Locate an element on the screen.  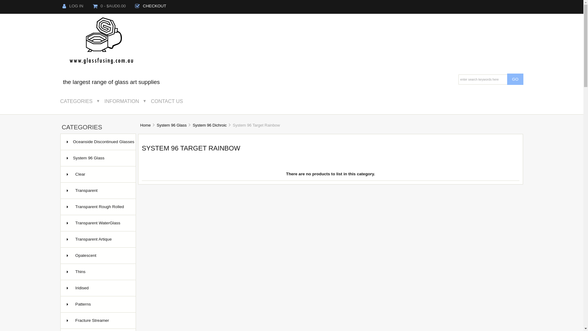
'  Fracture Streamer is located at coordinates (98, 320).